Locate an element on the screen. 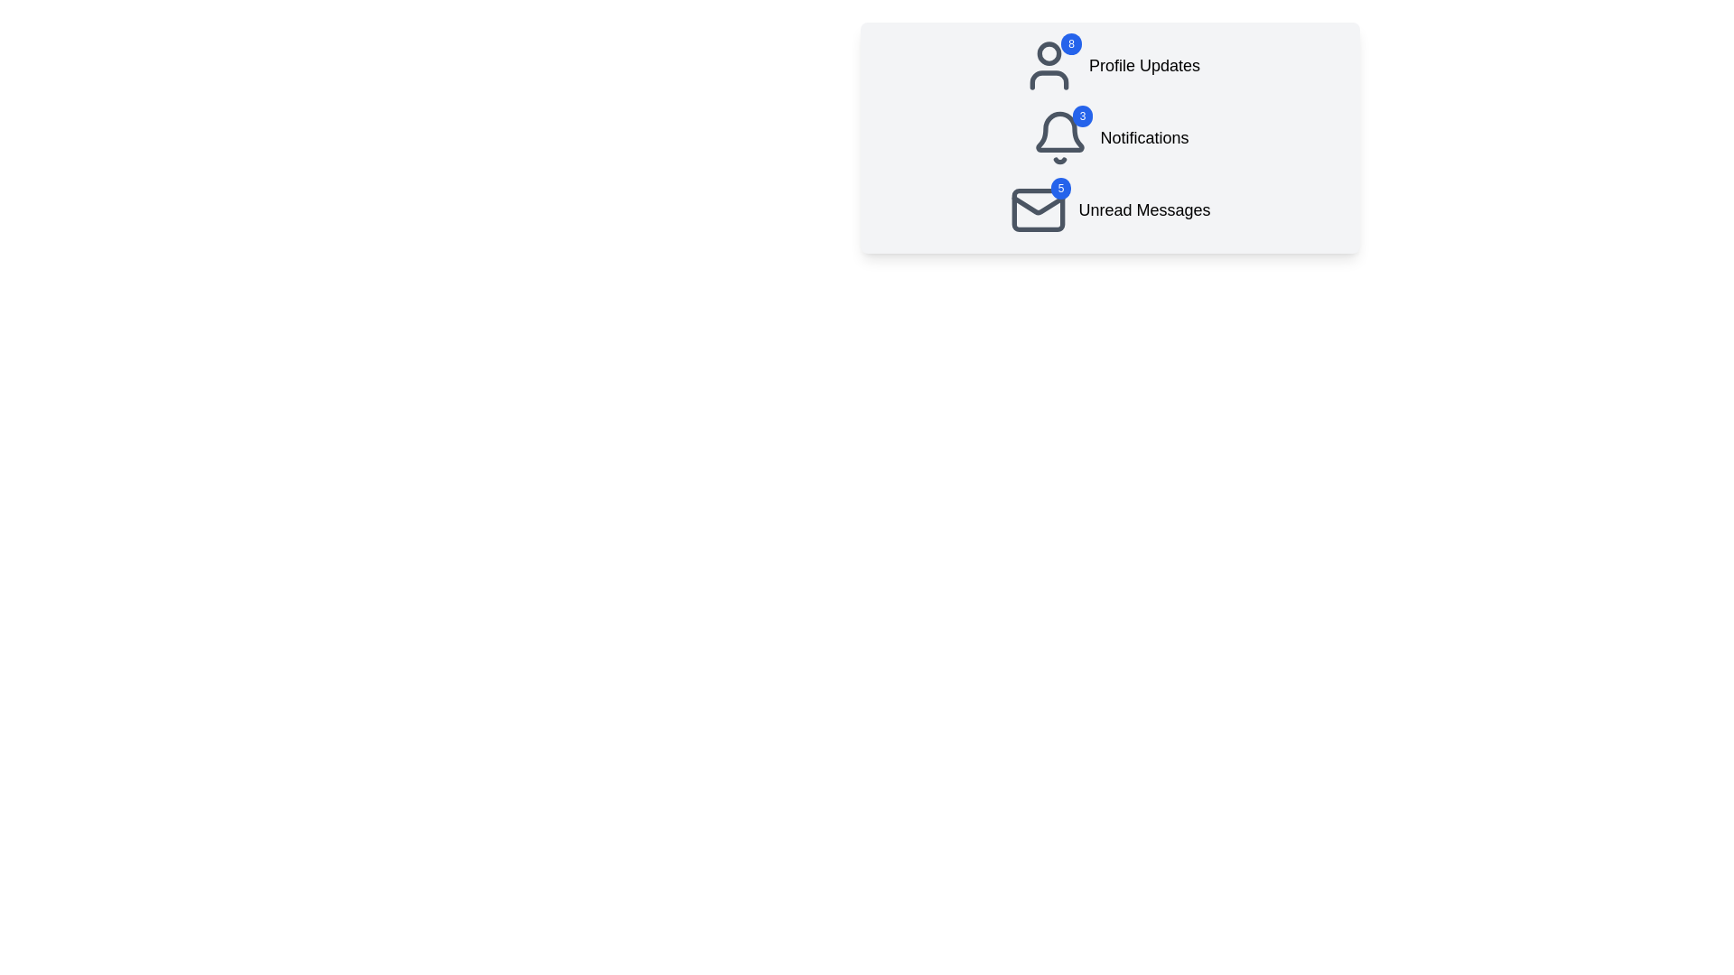 This screenshot has width=1734, height=975. the informational display with a badge showing 'Unread Messages' and the number '5' for accessibility purposes is located at coordinates (1109, 209).